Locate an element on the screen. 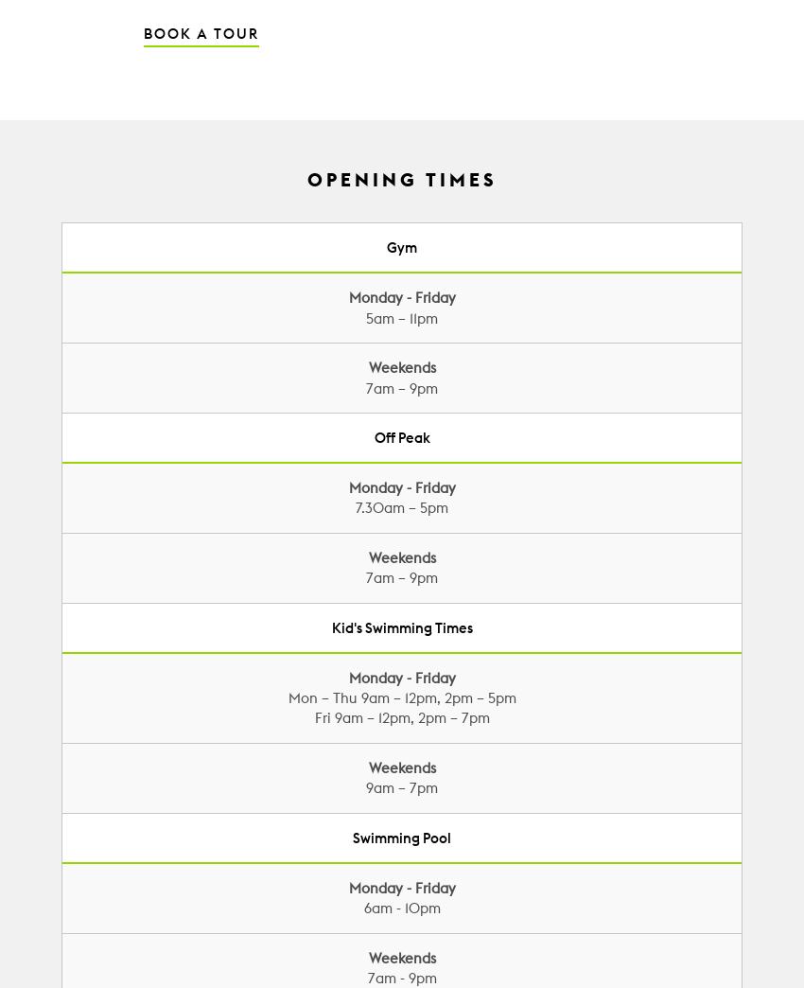 The height and width of the screenshot is (988, 804). '6am - 10pm' is located at coordinates (401, 907).